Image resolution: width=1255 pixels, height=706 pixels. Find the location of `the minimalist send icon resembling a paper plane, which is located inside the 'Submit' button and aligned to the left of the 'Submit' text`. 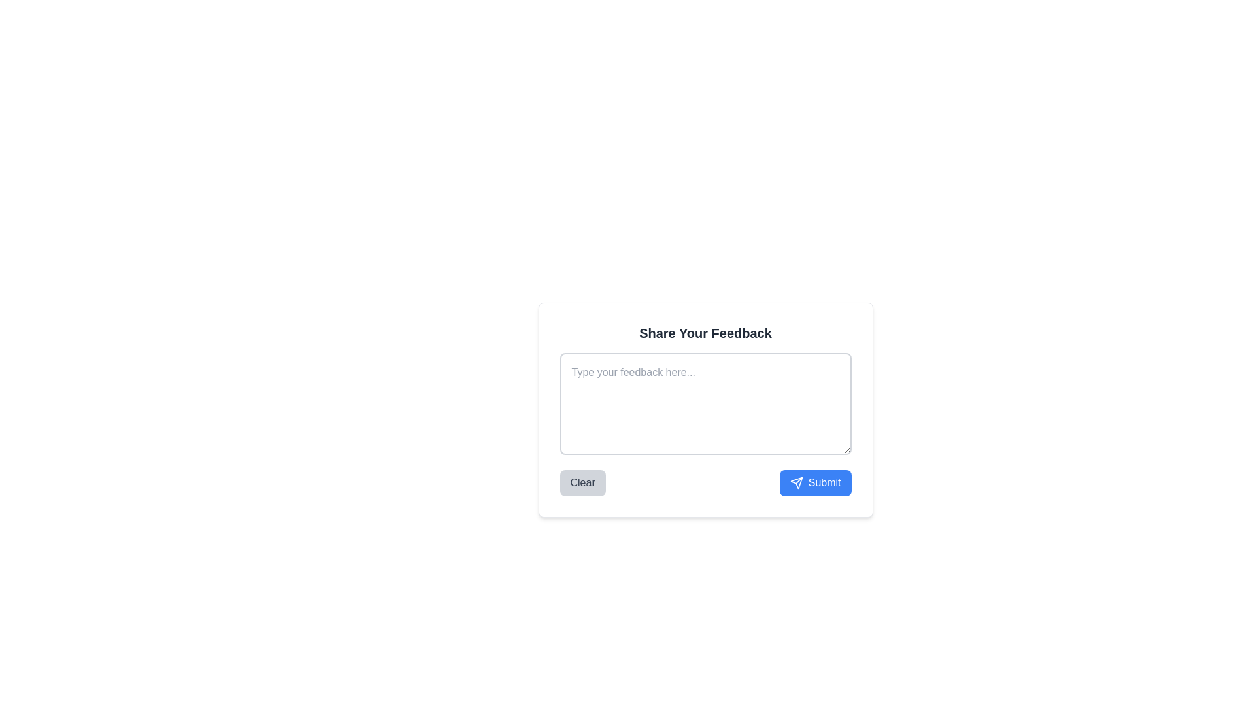

the minimalist send icon resembling a paper plane, which is located inside the 'Submit' button and aligned to the left of the 'Submit' text is located at coordinates (795, 483).